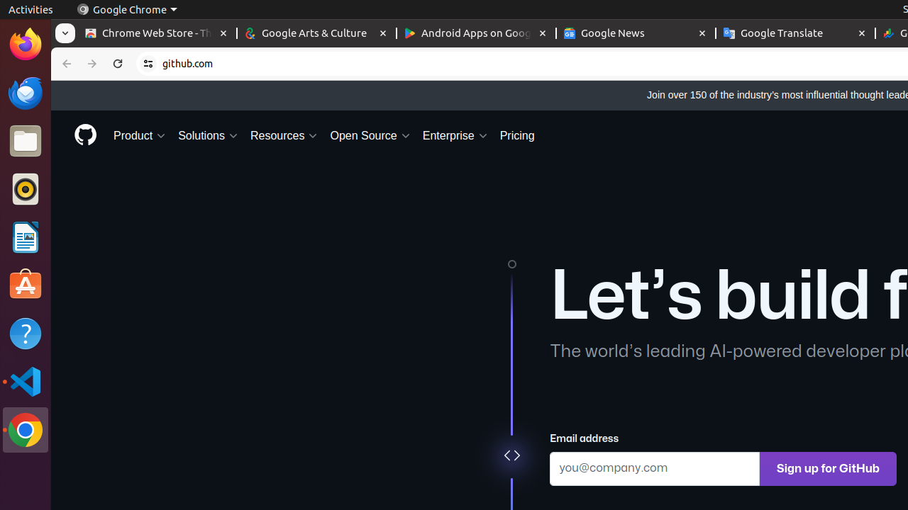  Describe the element at coordinates (25, 188) in the screenshot. I see `'Rhythmbox'` at that location.